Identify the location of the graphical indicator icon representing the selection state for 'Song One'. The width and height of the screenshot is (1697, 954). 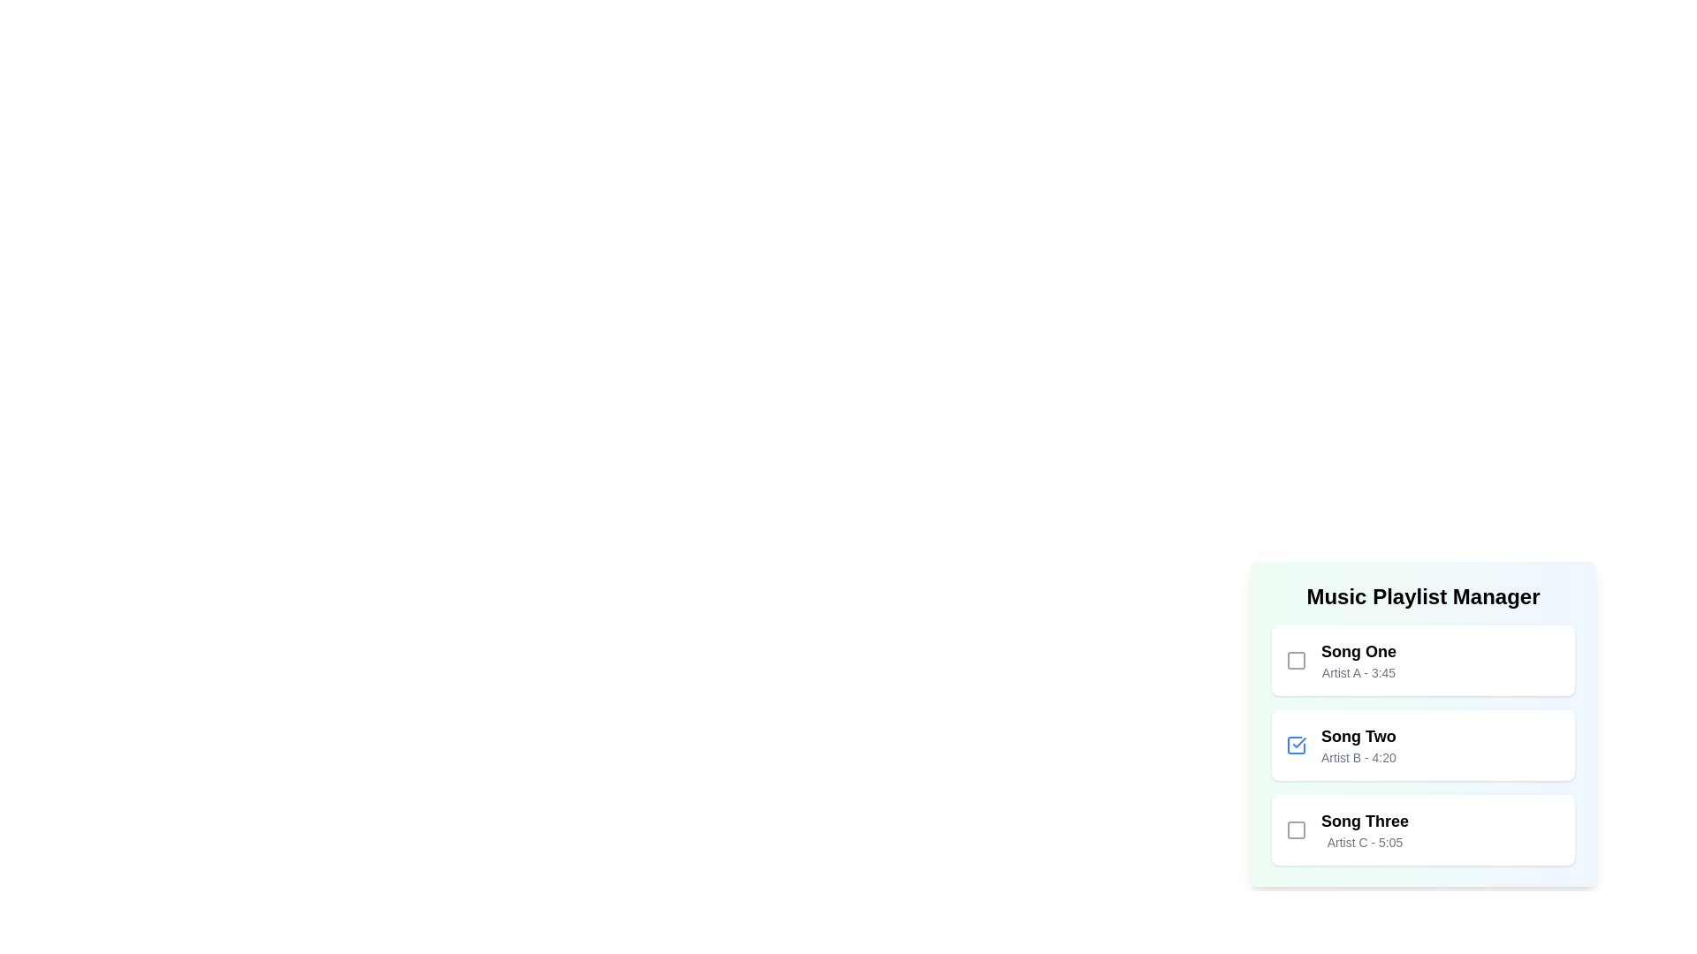
(1297, 661).